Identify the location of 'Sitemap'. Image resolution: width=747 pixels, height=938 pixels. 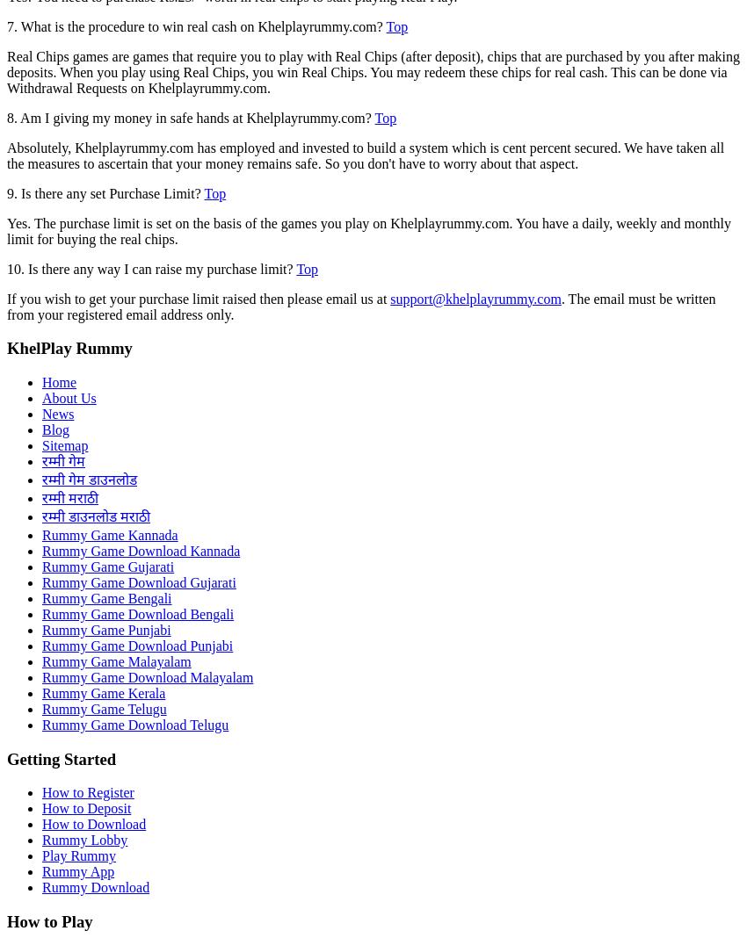
(65, 445).